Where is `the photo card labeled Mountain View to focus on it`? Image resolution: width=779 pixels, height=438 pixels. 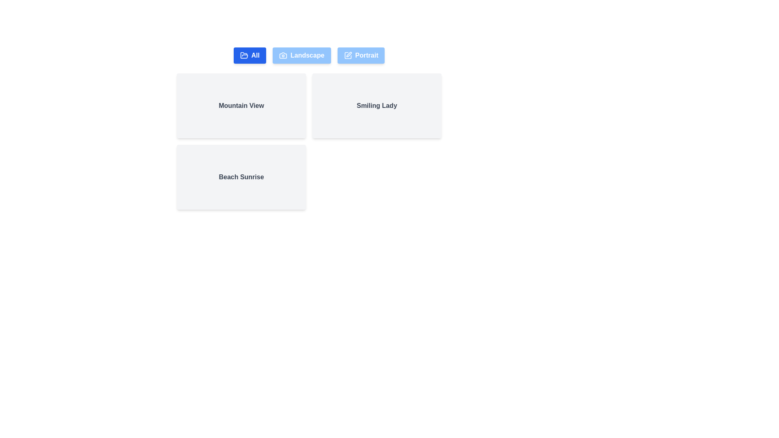 the photo card labeled Mountain View to focus on it is located at coordinates (241, 105).